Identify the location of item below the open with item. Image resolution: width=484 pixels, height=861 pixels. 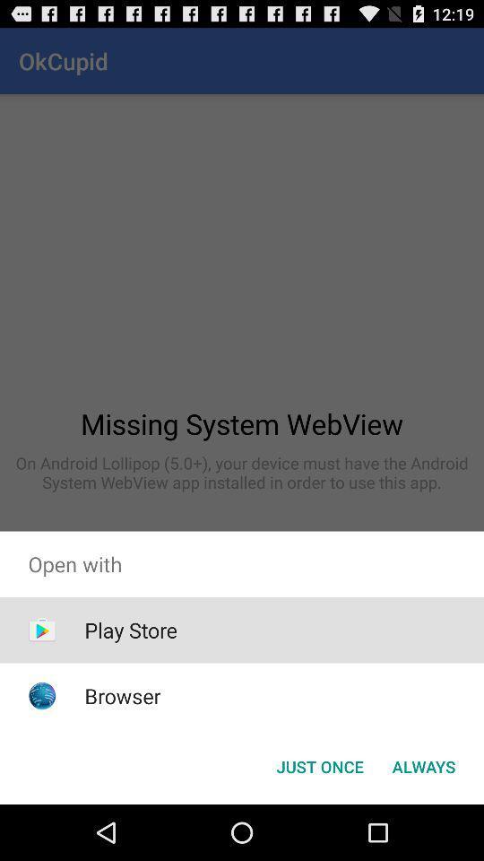
(423, 765).